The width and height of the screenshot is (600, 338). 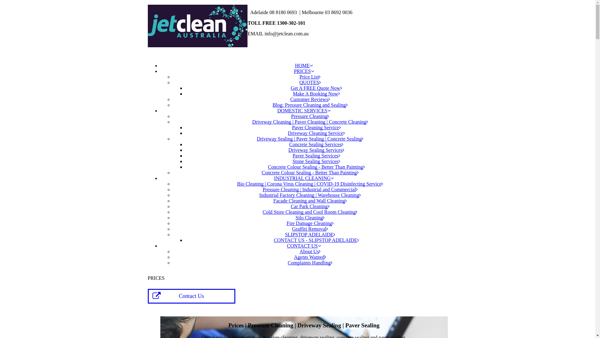 What do you see at coordinates (310, 206) in the screenshot?
I see `'Car Park Cleaning'` at bounding box center [310, 206].